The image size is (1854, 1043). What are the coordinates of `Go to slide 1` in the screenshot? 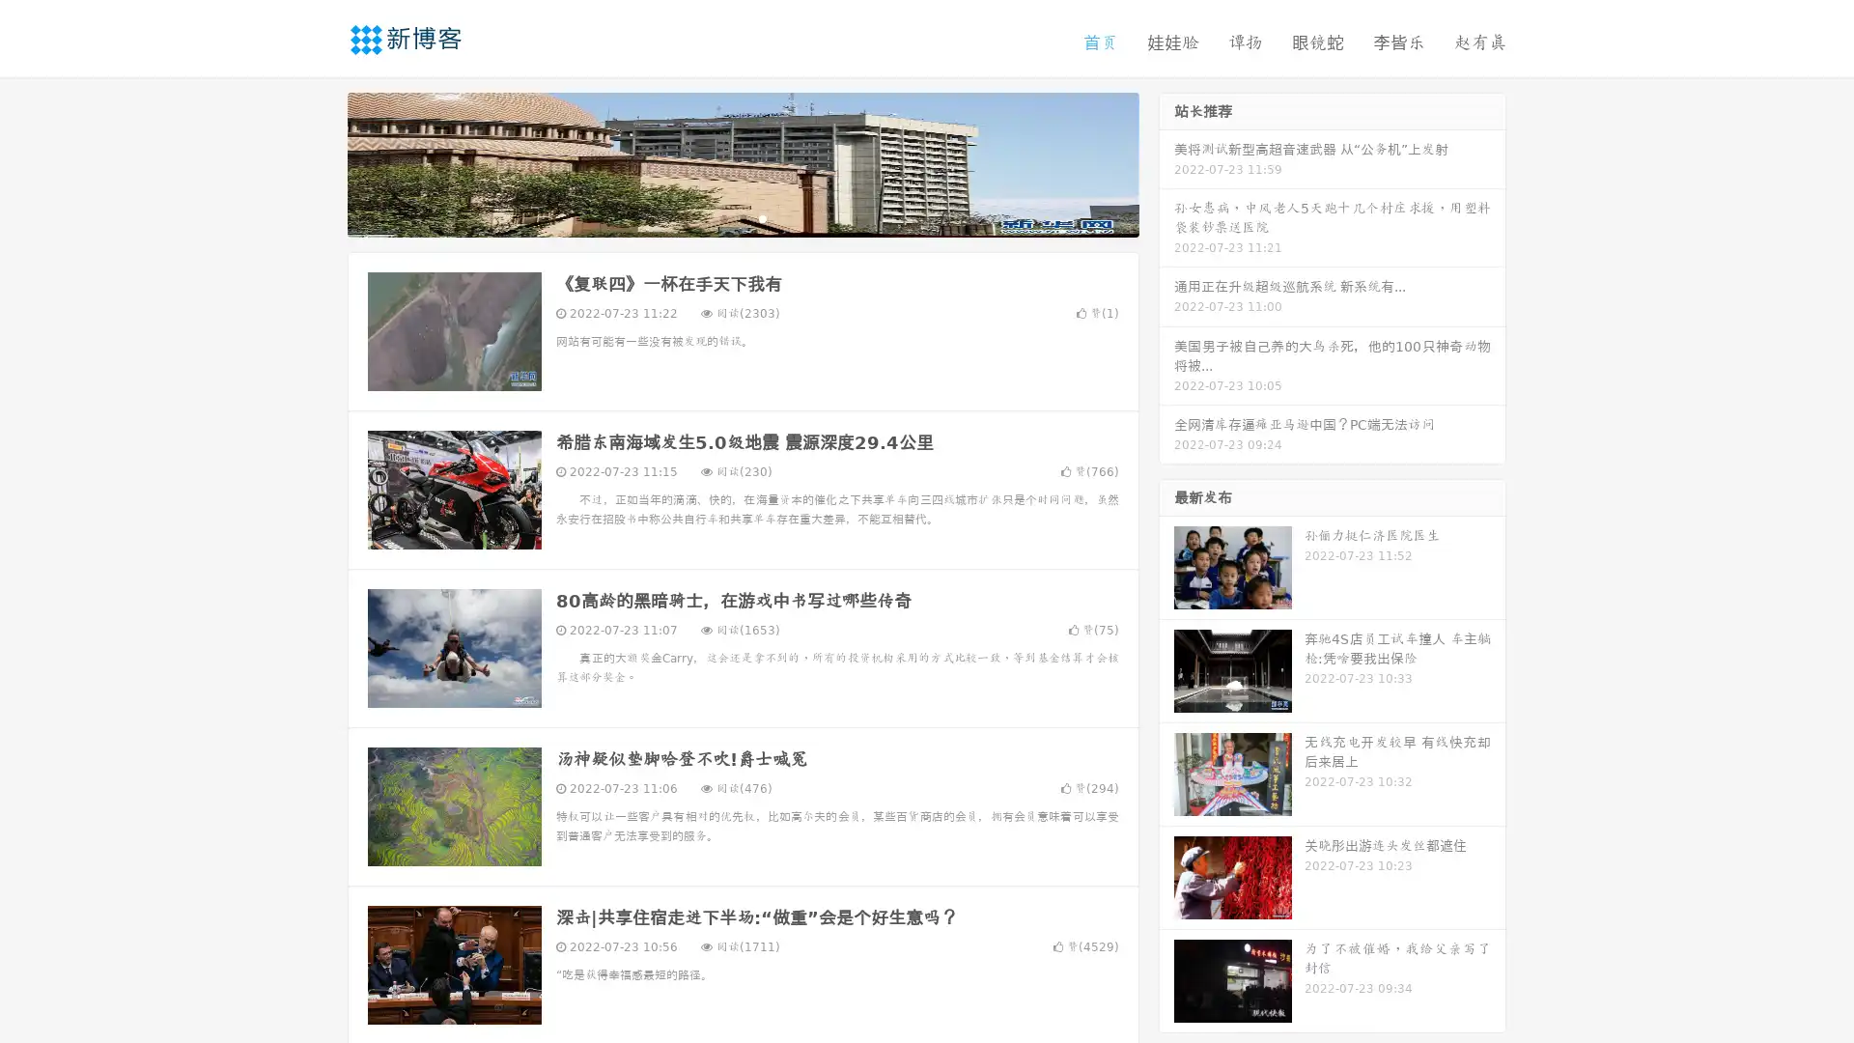 It's located at (722, 217).